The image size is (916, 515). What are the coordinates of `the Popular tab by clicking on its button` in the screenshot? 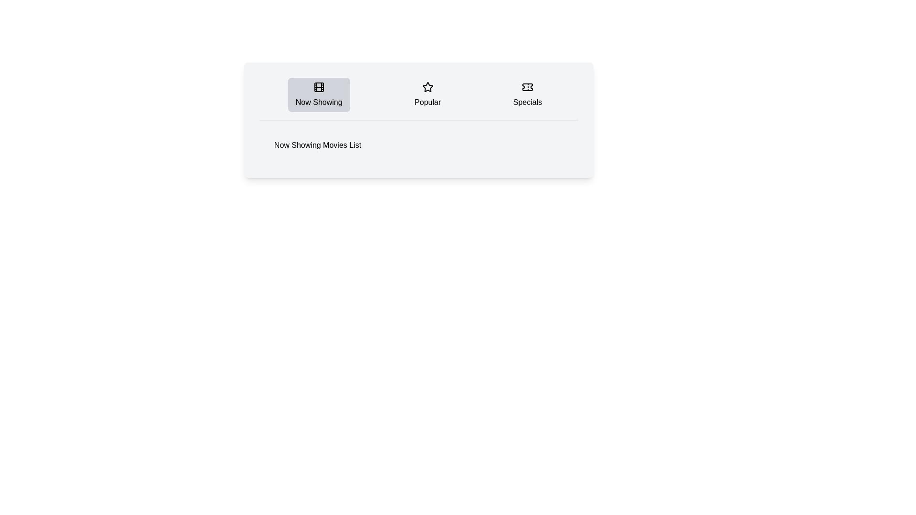 It's located at (427, 95).